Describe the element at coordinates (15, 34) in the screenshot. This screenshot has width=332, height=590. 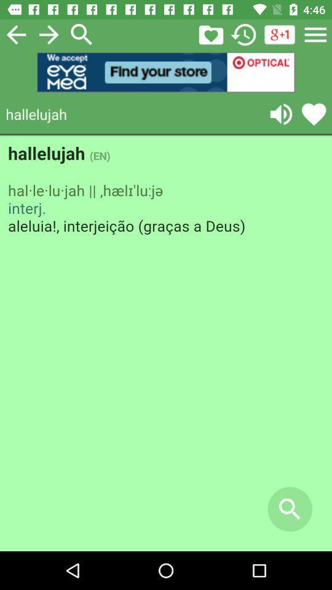
I see `back` at that location.